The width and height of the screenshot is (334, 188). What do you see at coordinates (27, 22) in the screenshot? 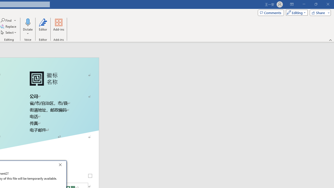
I see `'Dictate'` at bounding box center [27, 22].